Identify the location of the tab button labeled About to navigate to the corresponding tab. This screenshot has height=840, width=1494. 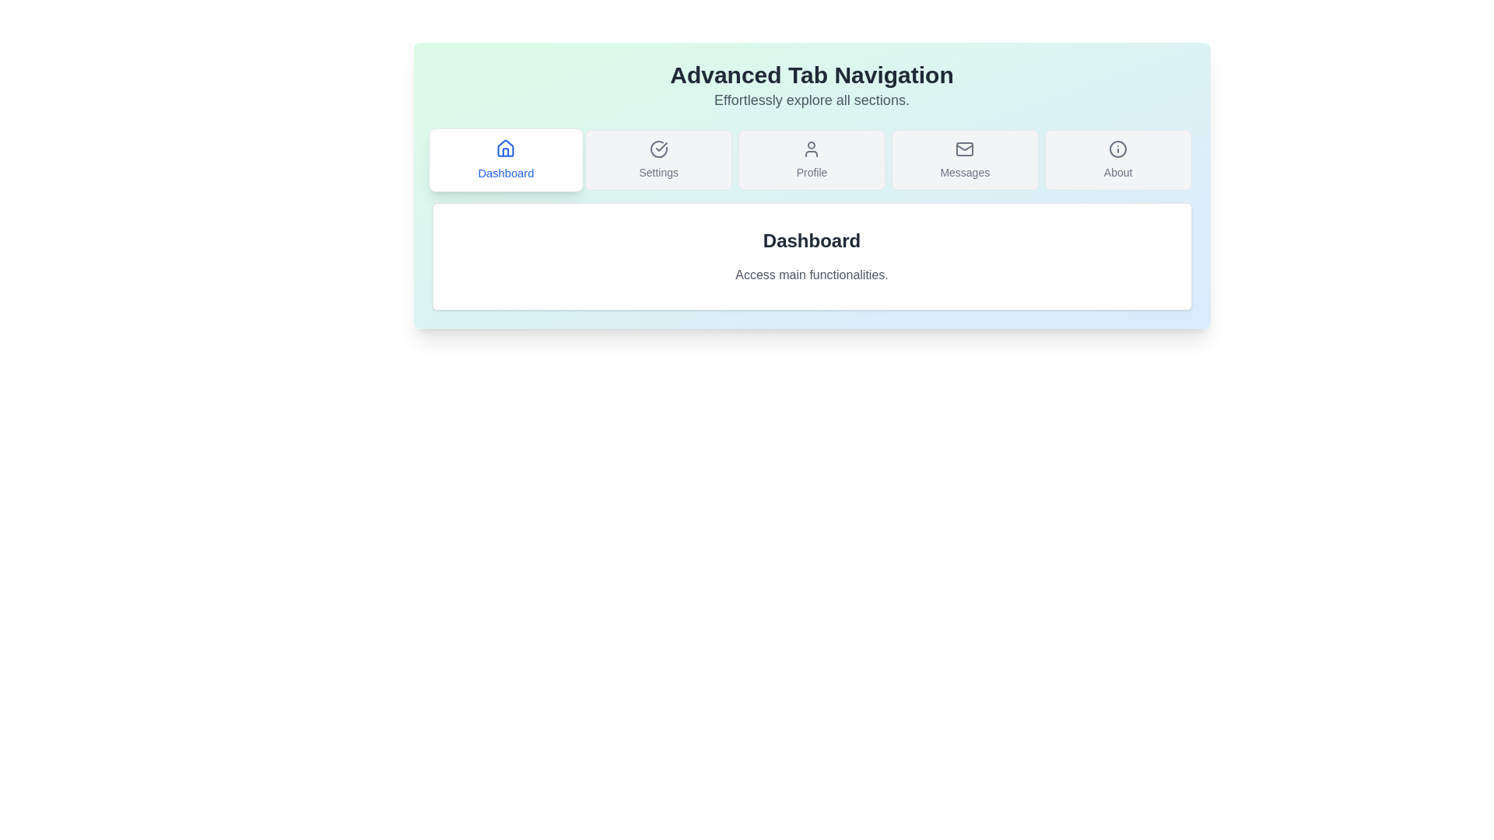
(1117, 159).